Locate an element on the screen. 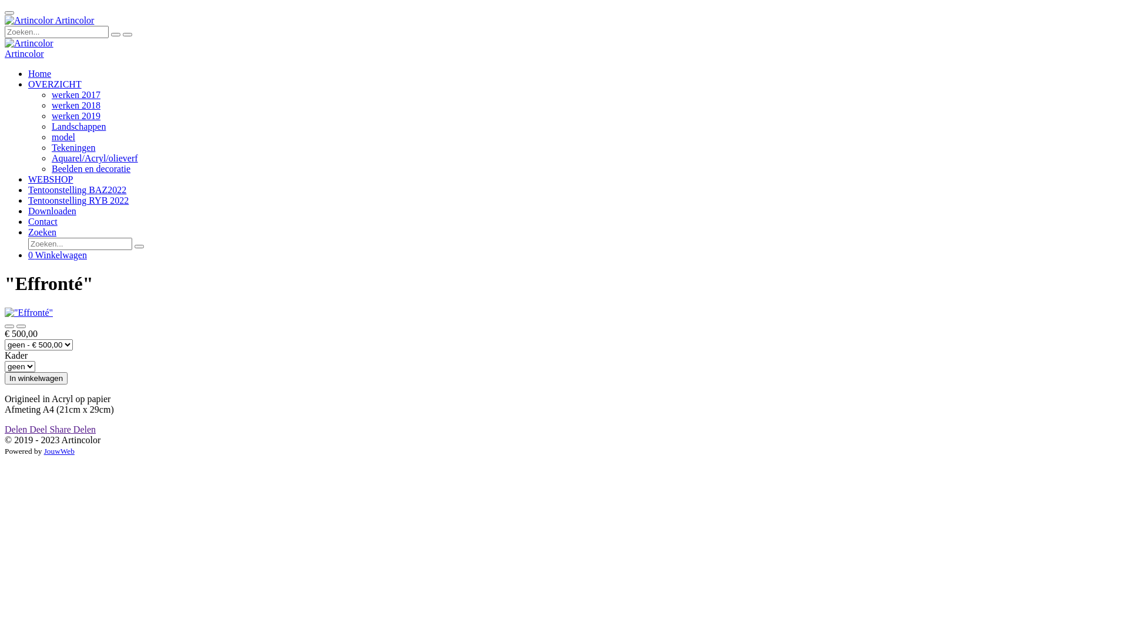  'Zoeken' is located at coordinates (42, 232).